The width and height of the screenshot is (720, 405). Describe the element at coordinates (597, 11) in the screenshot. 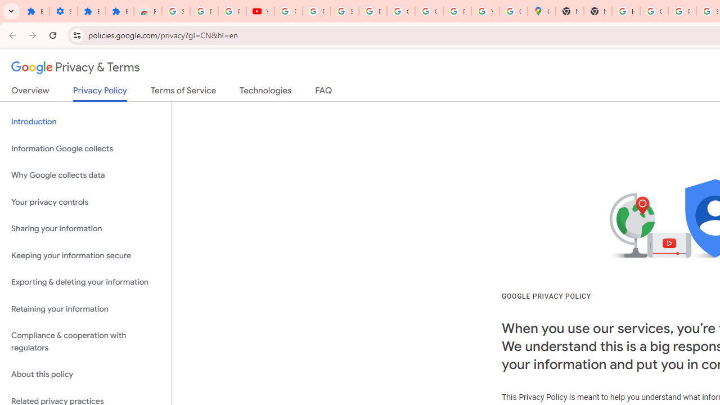

I see `'New Tab'` at that location.